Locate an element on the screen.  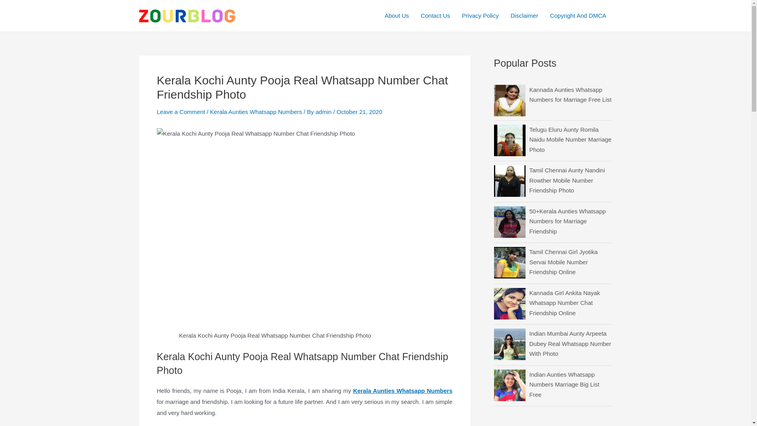
'Leave a Comment' is located at coordinates (181, 112).